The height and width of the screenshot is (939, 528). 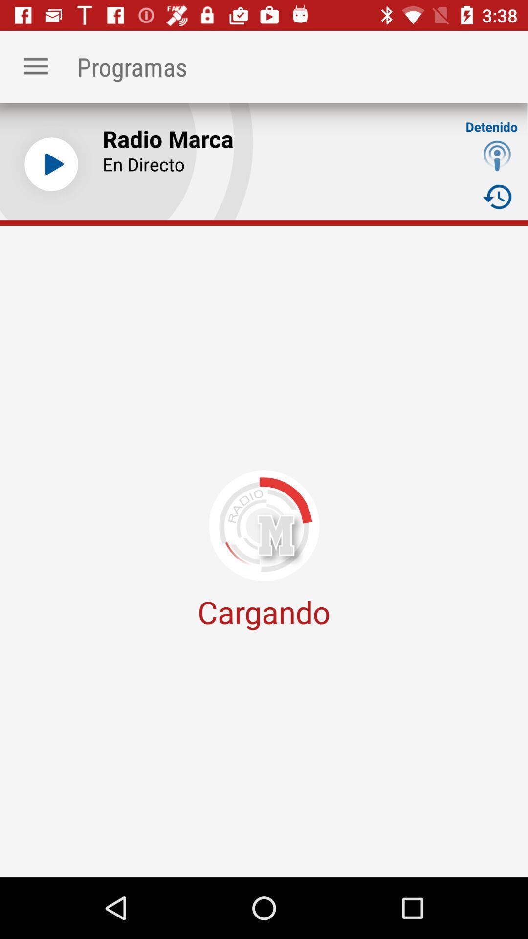 I want to click on the item to the right of the en directo item, so click(x=497, y=196).